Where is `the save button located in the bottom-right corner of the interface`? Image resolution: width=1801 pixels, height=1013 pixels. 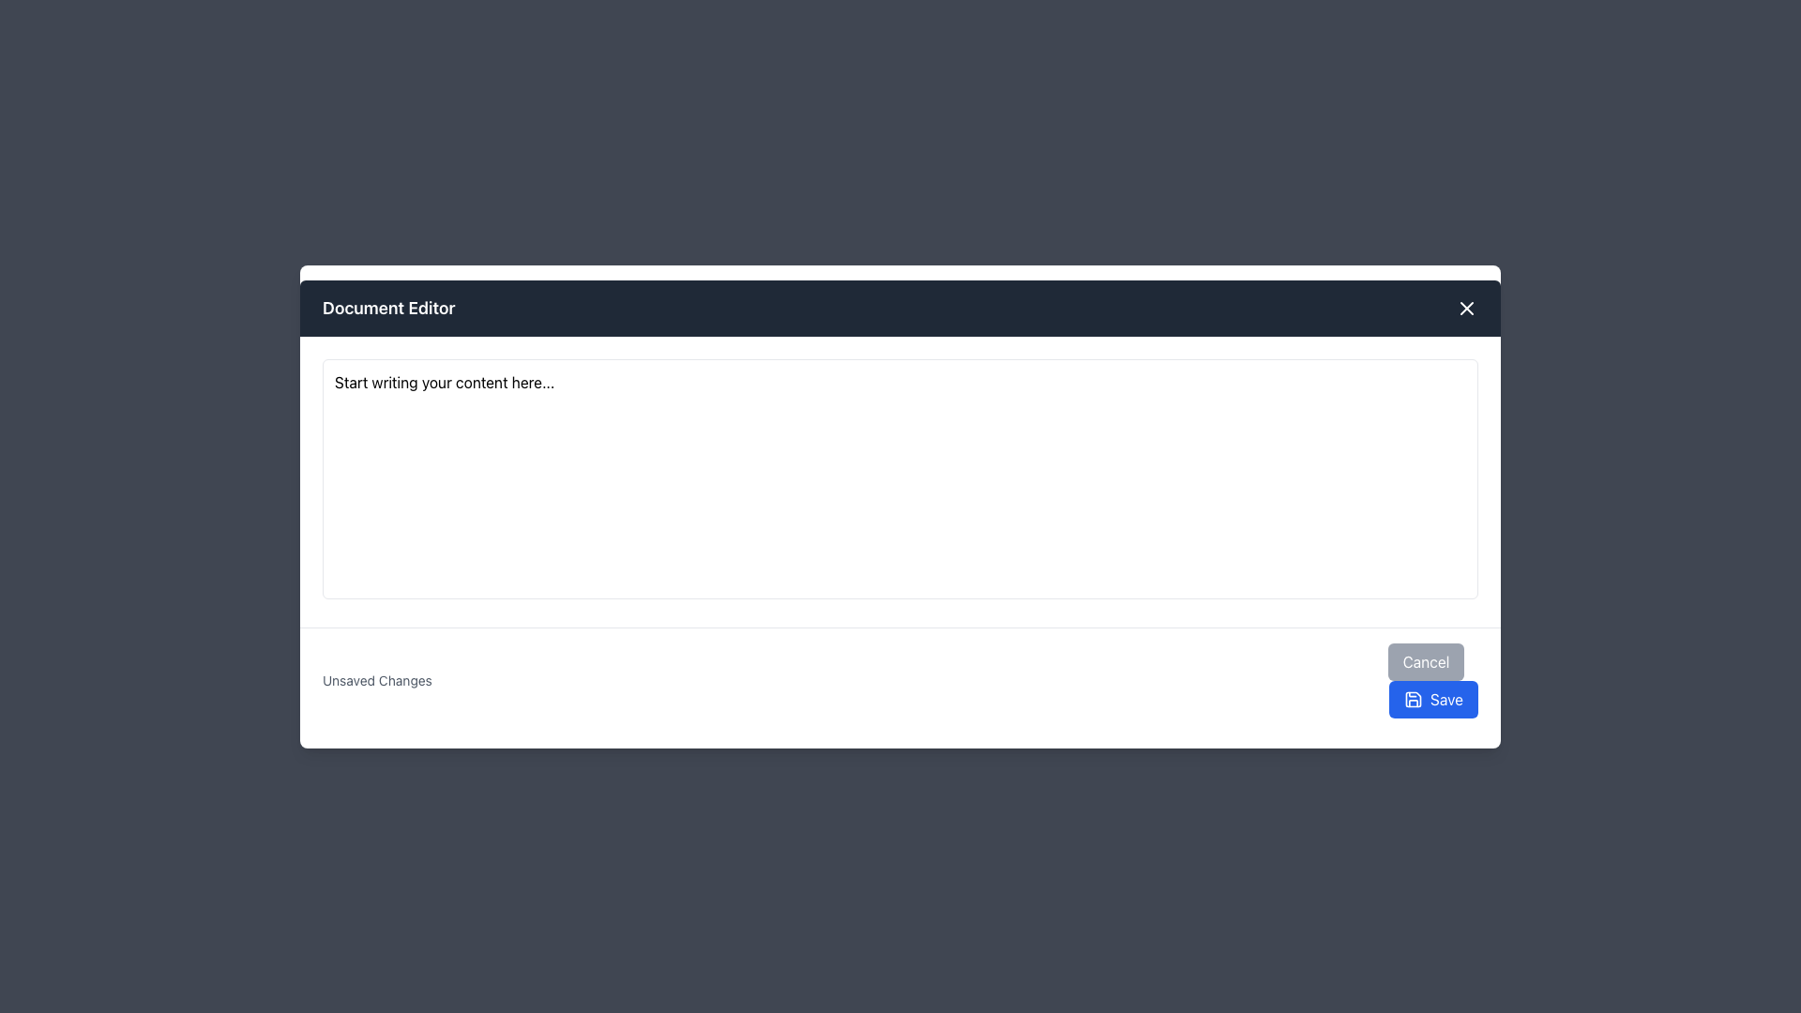
the save button located in the bottom-right corner of the interface is located at coordinates (1432, 699).